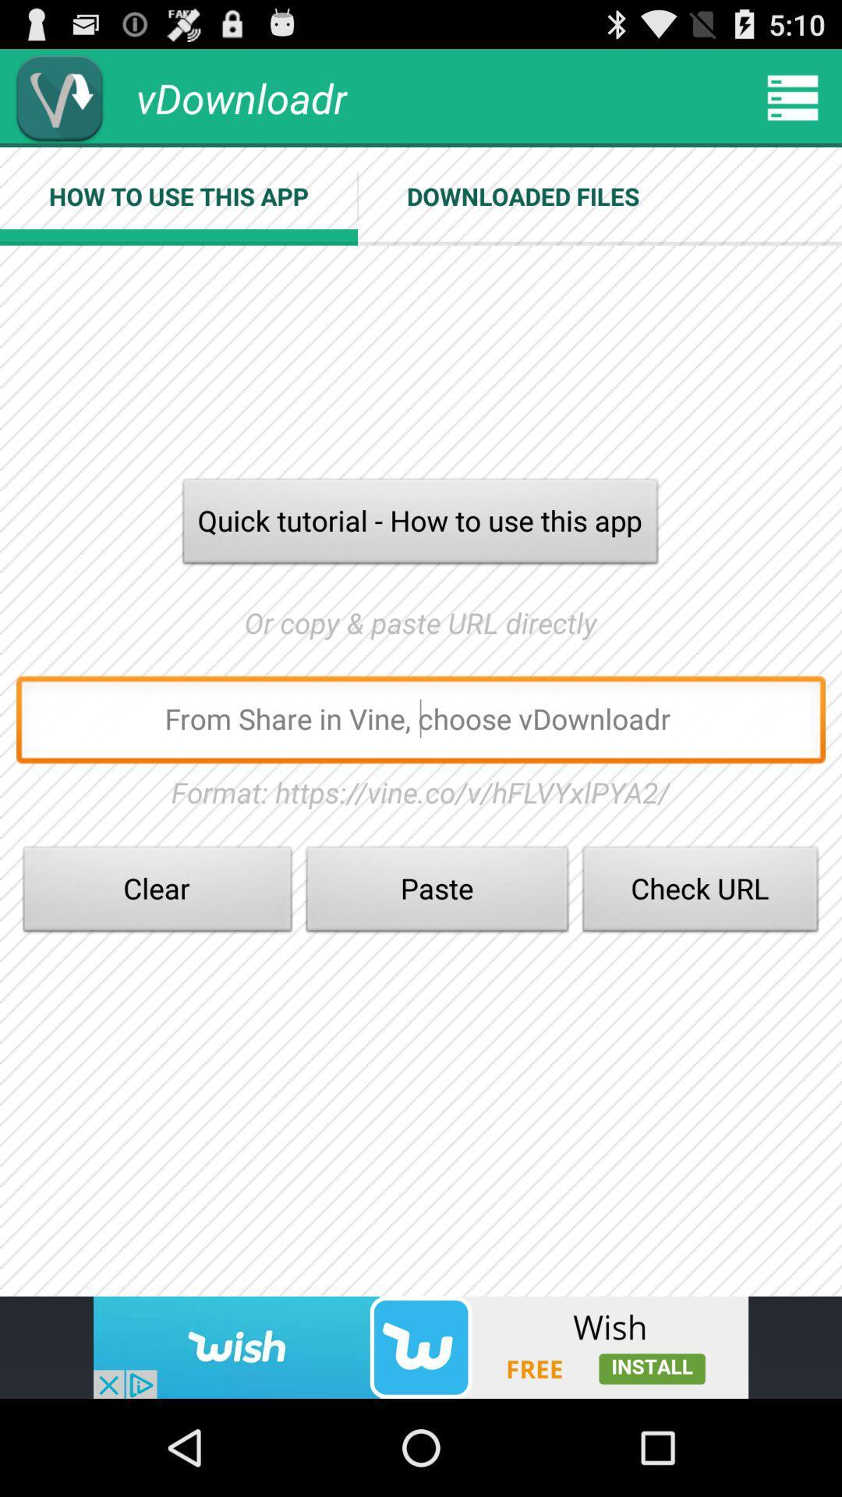  I want to click on visit sponsored advertisement 's site, so click(421, 1347).